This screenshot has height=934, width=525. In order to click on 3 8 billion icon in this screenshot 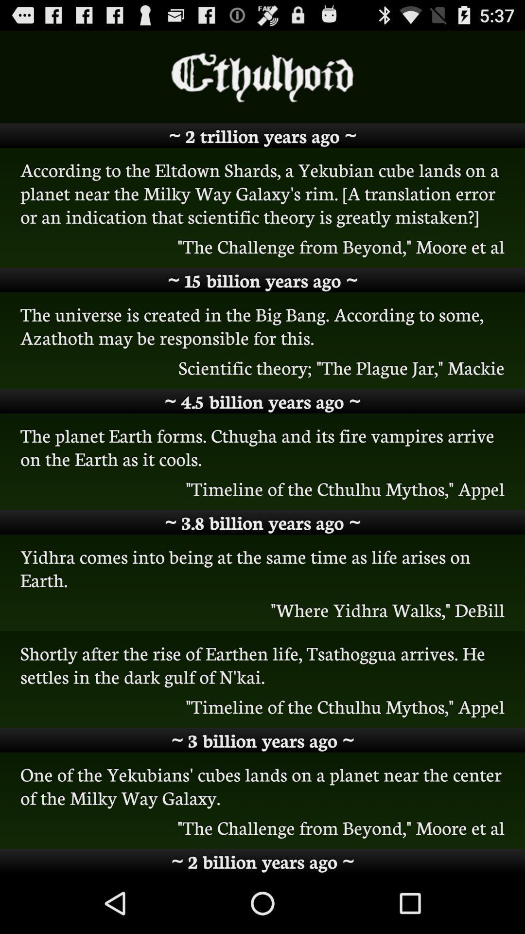, I will do `click(262, 522)`.